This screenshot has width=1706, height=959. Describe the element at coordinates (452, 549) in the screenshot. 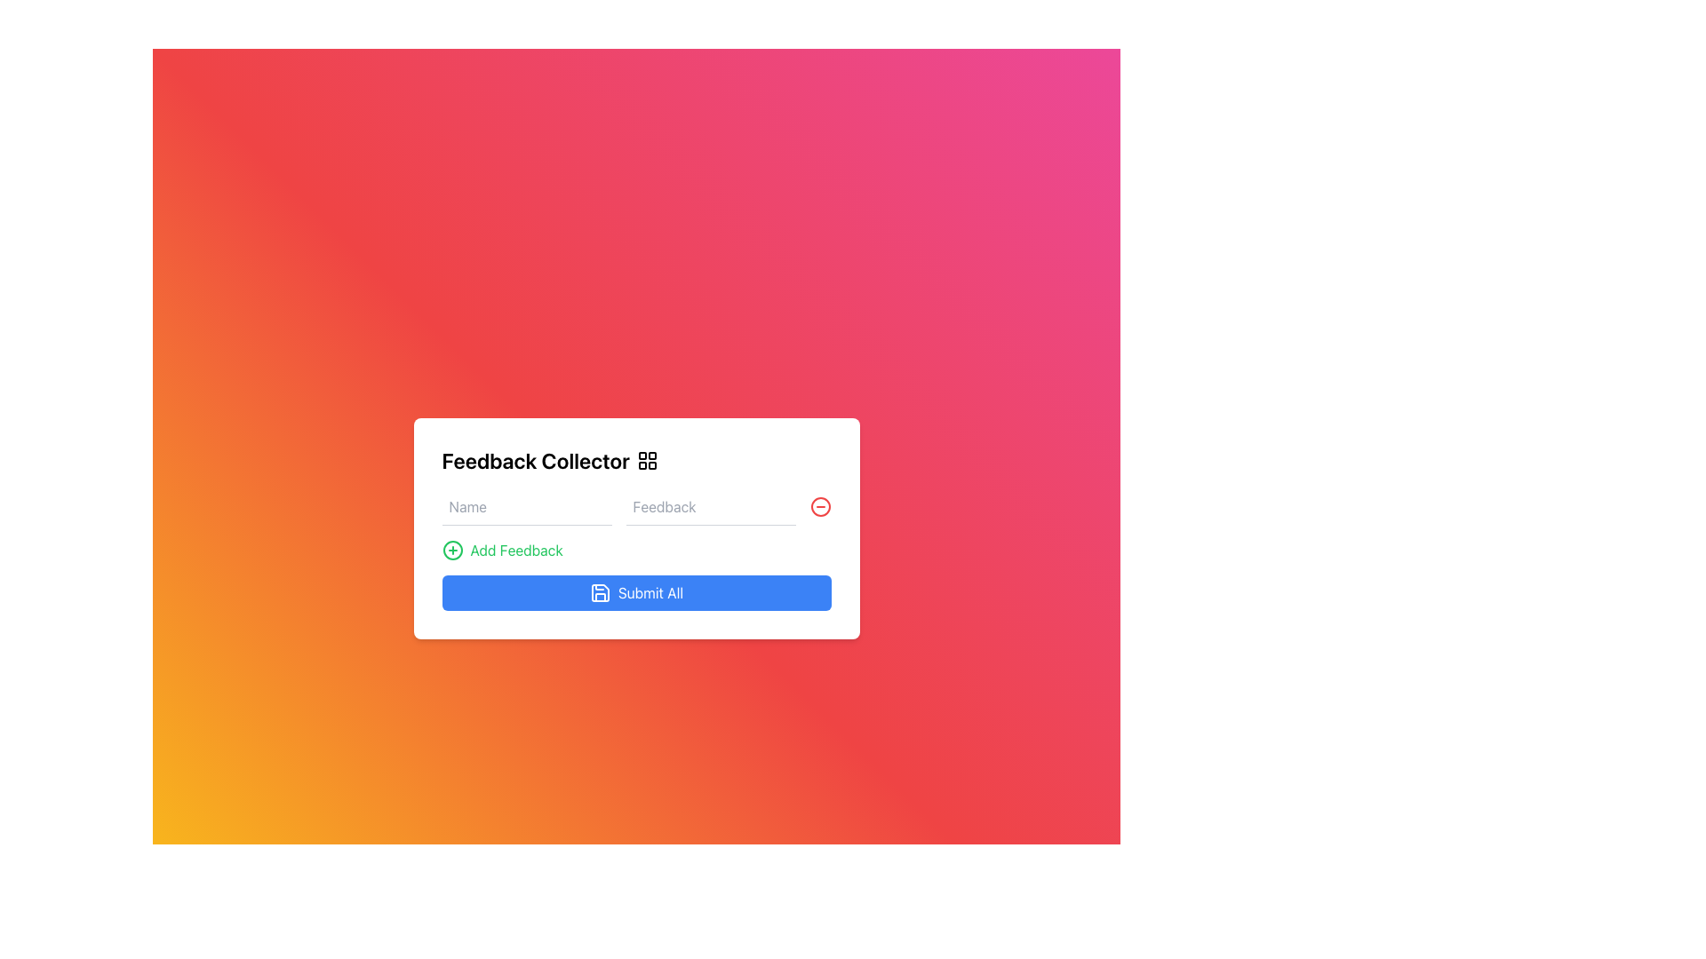

I see `the decorative or functional visual indicator associated with the 'Add Feedback' button, located to the left side of the button's text` at that location.